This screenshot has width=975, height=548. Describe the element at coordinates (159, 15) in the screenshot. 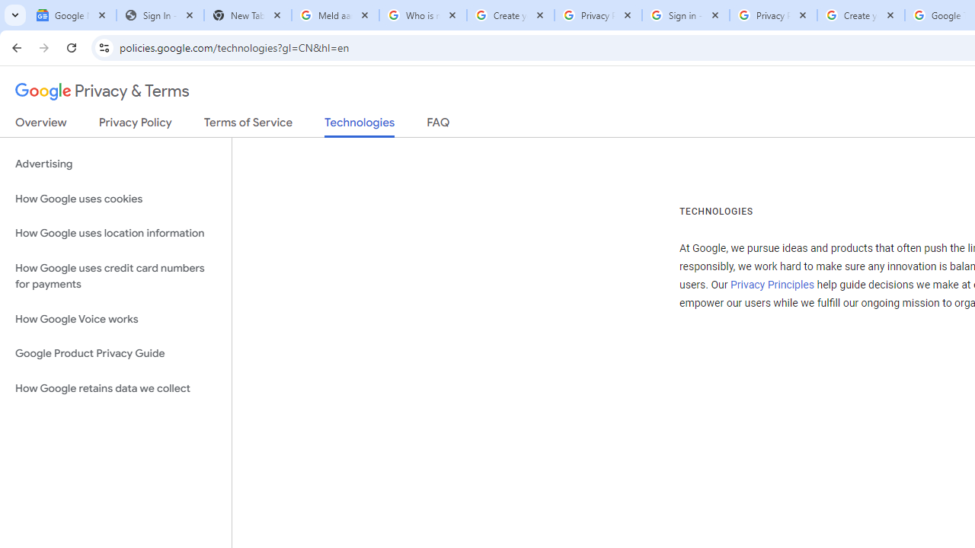

I see `'Sign In - USA TODAY'` at that location.